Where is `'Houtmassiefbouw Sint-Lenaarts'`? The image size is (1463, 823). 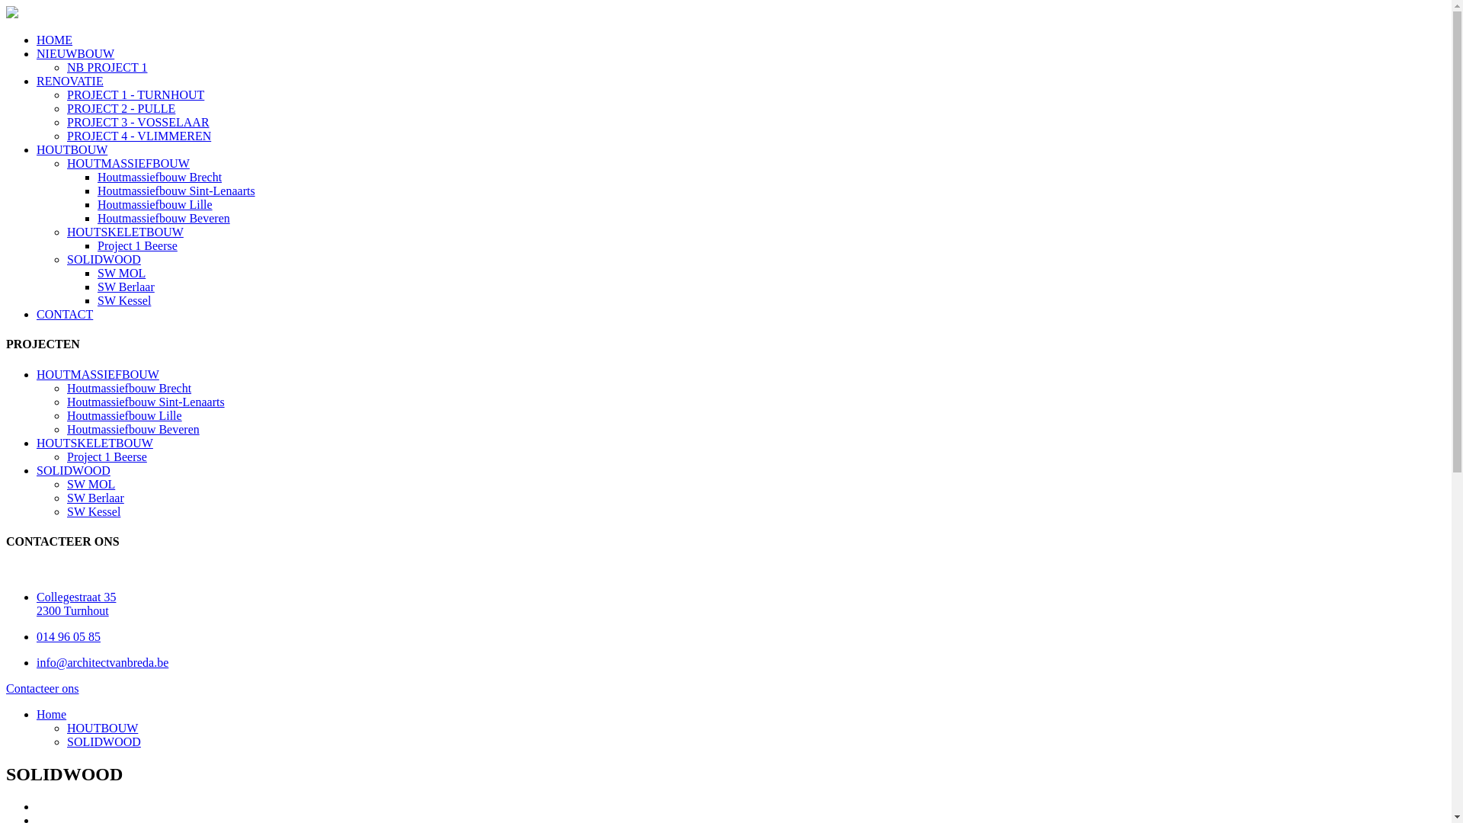 'Houtmassiefbouw Sint-Lenaarts' is located at coordinates (176, 190).